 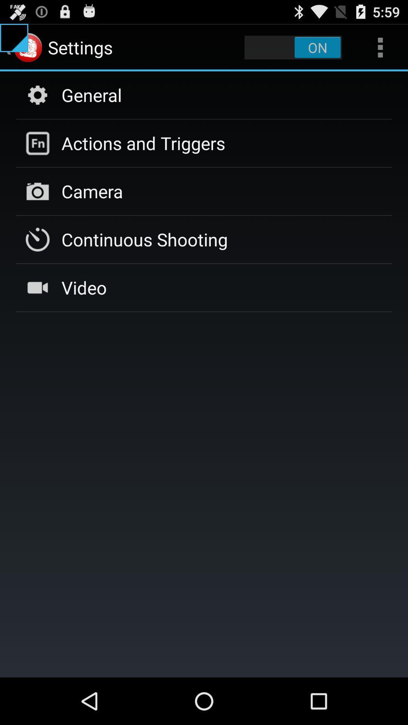 What do you see at coordinates (143, 143) in the screenshot?
I see `actions and triggers` at bounding box center [143, 143].